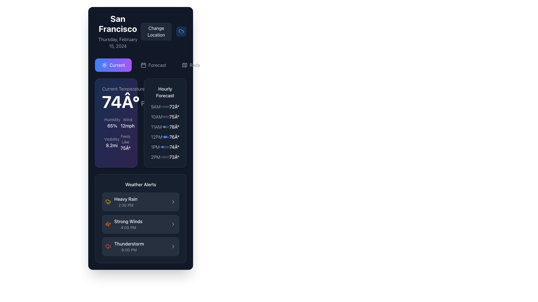 The height and width of the screenshot is (302, 538). What do you see at coordinates (127, 119) in the screenshot?
I see `the static text label displaying 'Wind', which is styled in light gray and positioned above the '12mph' wind speed value in the weather information section` at bounding box center [127, 119].